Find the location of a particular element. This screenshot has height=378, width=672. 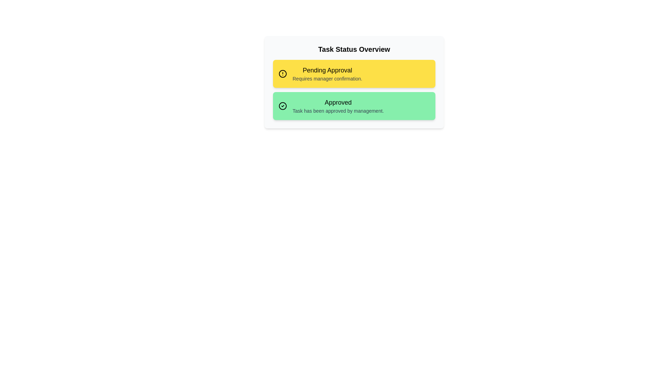

the text of the status label or description for Pending Approval is located at coordinates (327, 70).